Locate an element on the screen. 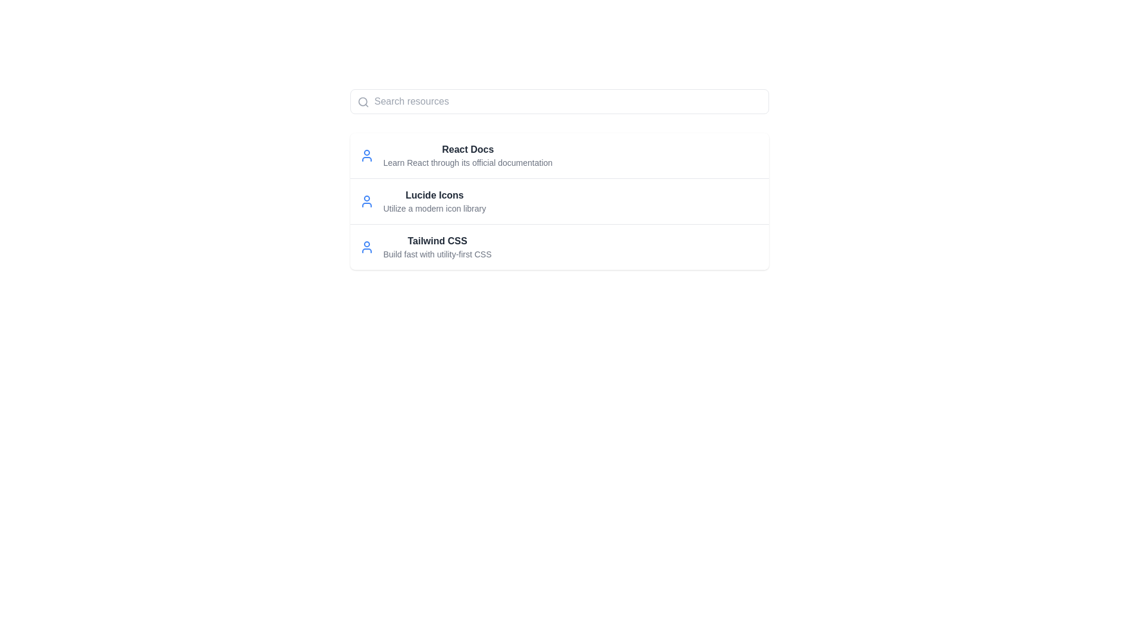 The height and width of the screenshot is (642, 1142). header text element located at the top of the first entry in the list, which provides a clear and concise description of the entry's content is located at coordinates (467, 149).